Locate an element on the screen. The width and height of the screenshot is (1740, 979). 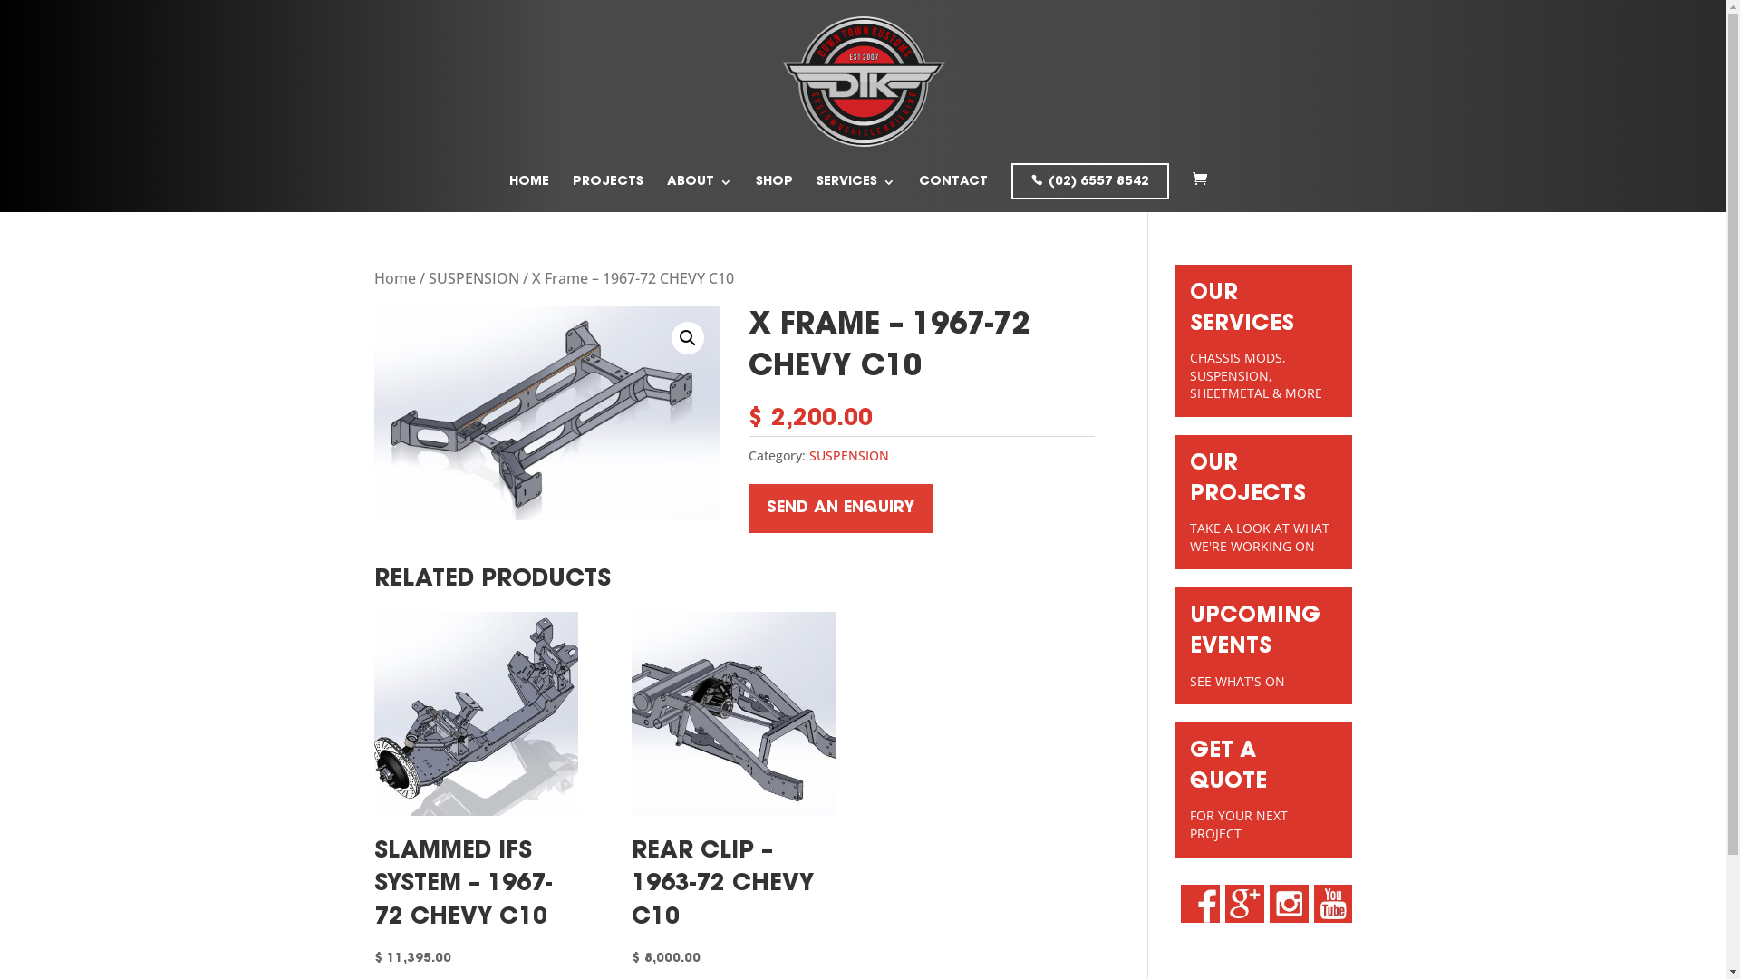
'OUR SERVICES is located at coordinates (1262, 340).